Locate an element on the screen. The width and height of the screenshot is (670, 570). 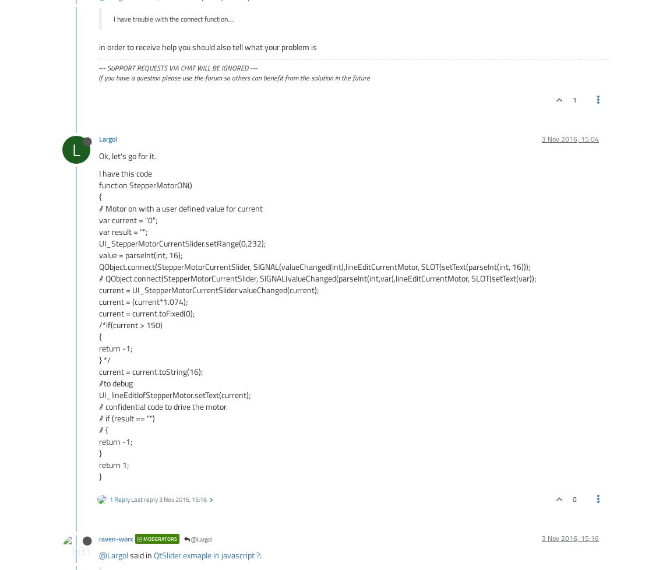
'/*if(current > 150)' is located at coordinates (130, 324).